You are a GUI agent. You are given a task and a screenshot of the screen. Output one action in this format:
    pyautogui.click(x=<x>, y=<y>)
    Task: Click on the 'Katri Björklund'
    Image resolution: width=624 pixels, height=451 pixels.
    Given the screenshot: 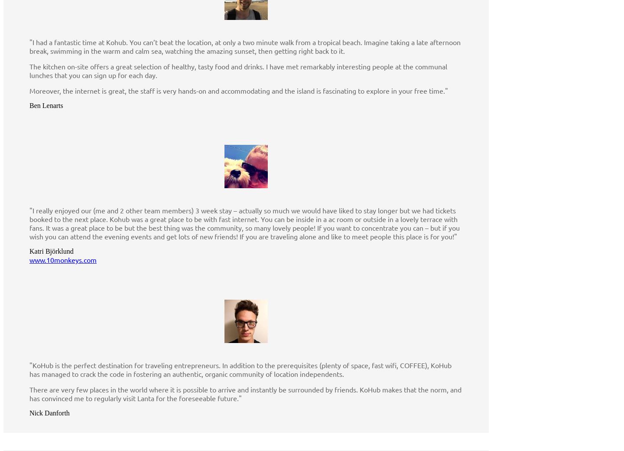 What is the action you would take?
    pyautogui.click(x=51, y=251)
    